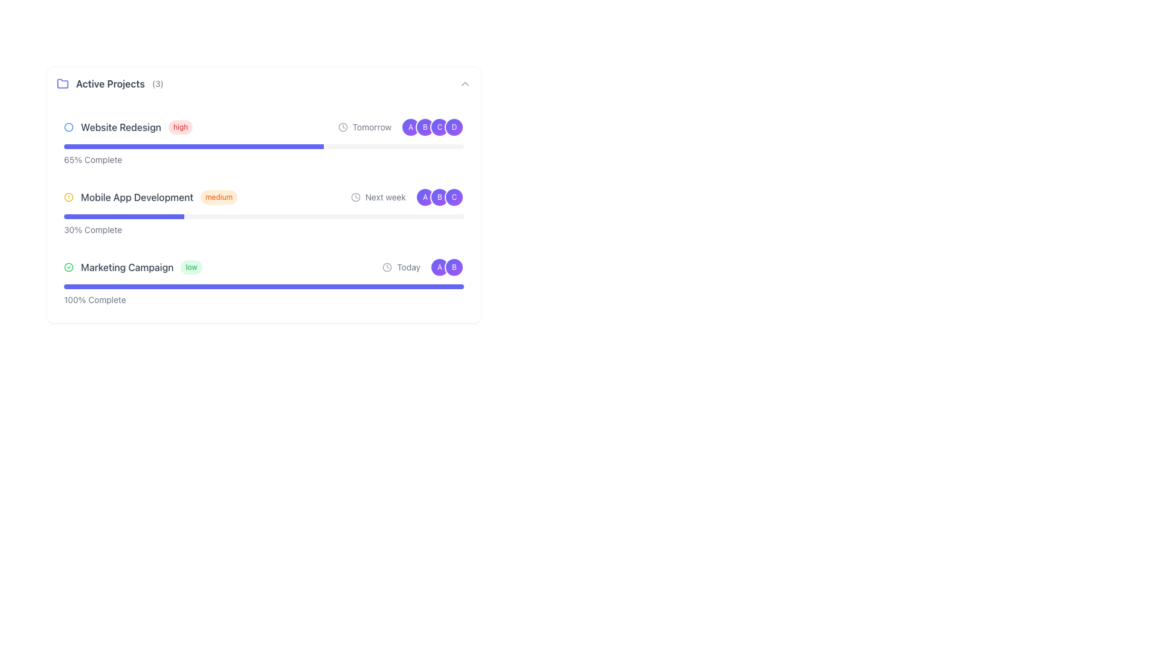 The width and height of the screenshot is (1160, 652). I want to click on the third button in the bottom right corner of the 'Marketing Campaign' row, so click(441, 299).